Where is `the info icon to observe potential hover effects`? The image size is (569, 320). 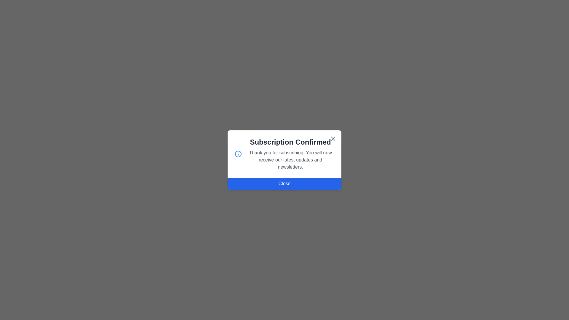 the info icon to observe potential hover effects is located at coordinates (238, 154).